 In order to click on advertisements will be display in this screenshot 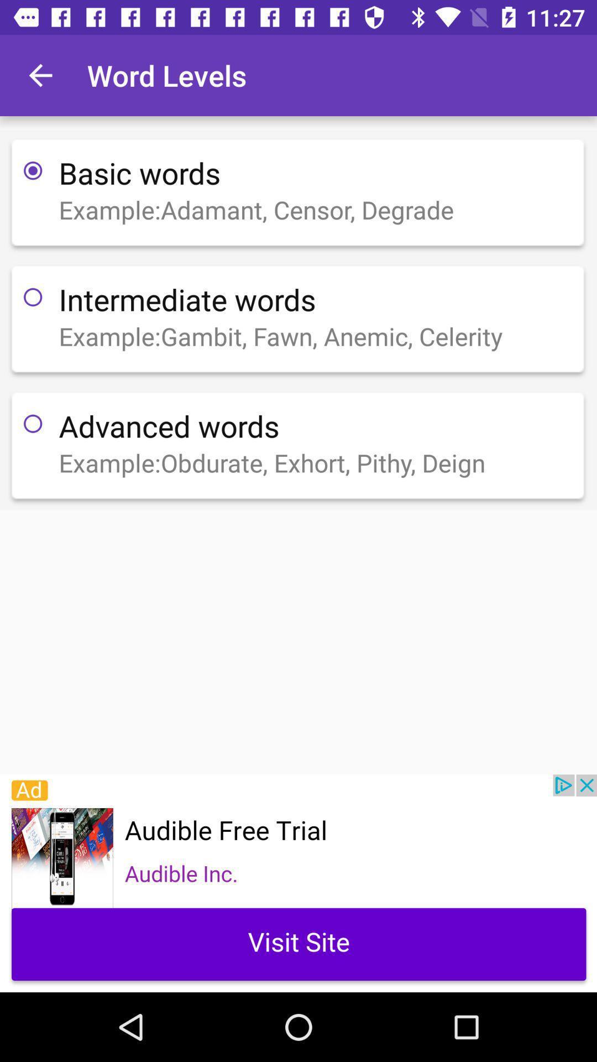, I will do `click(298, 883)`.